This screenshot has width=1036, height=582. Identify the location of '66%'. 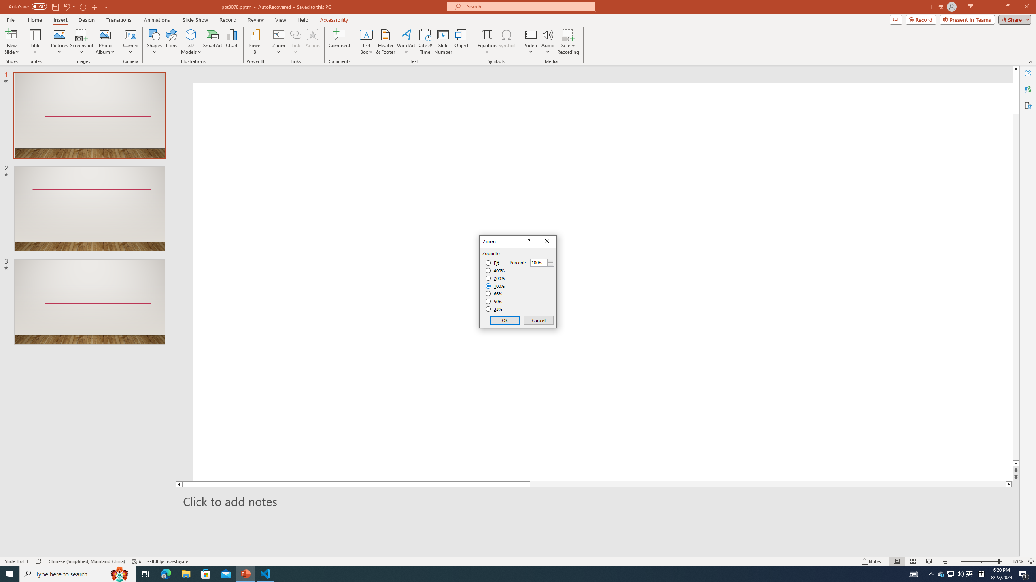
(495, 293).